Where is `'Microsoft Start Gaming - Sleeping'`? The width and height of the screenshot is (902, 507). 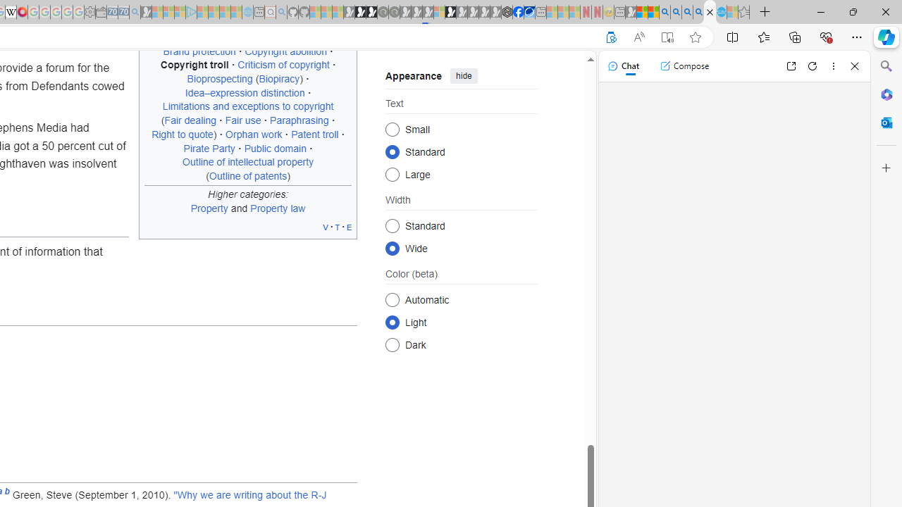 'Microsoft Start Gaming - Sleeping' is located at coordinates (146, 12).